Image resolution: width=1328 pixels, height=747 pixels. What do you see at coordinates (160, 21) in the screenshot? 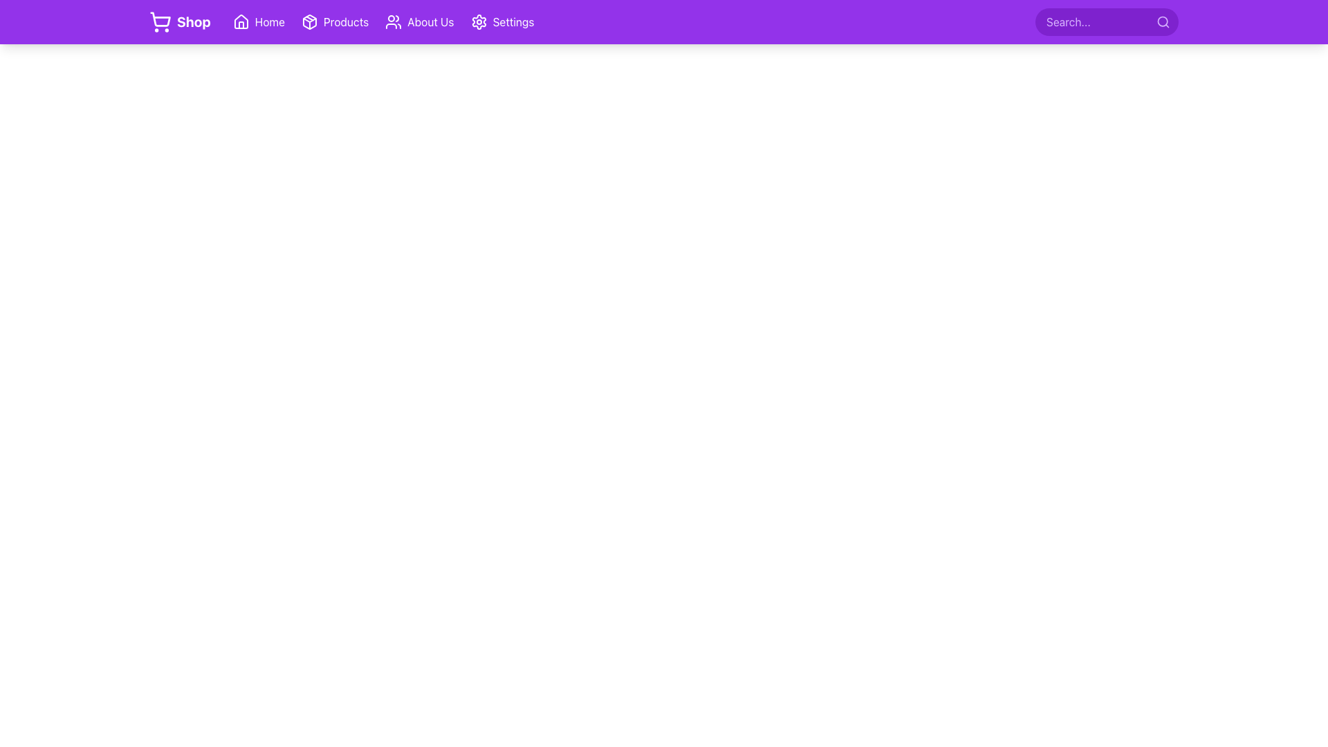
I see `the shopping cart icon located in the navigation bar, which features a purple background and circular wheels` at bounding box center [160, 21].